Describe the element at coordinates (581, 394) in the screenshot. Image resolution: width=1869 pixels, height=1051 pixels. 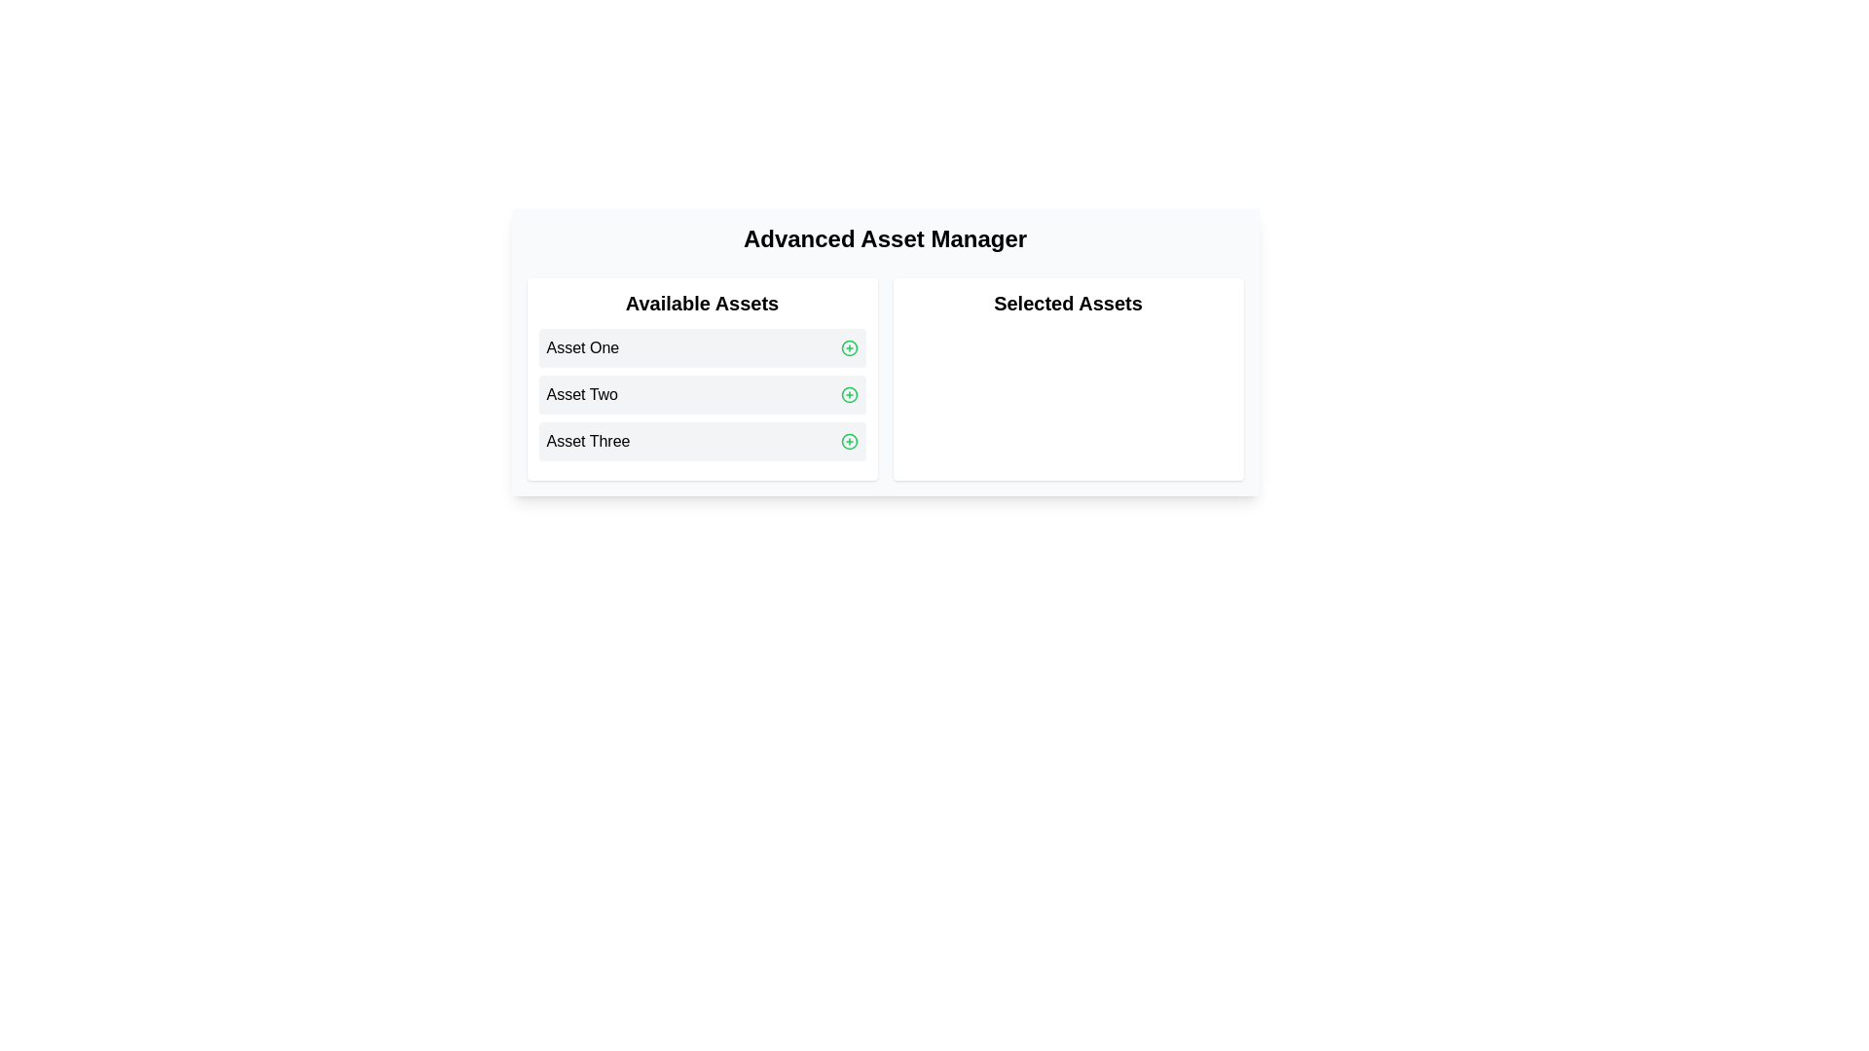
I see `the text label reading 'Asset Two' located in the 'Available Assets' column` at that location.